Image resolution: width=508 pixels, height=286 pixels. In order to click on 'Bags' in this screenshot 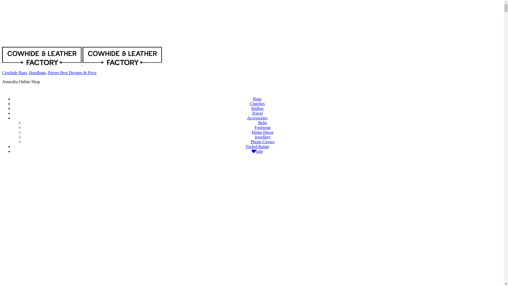, I will do `click(257, 99)`.